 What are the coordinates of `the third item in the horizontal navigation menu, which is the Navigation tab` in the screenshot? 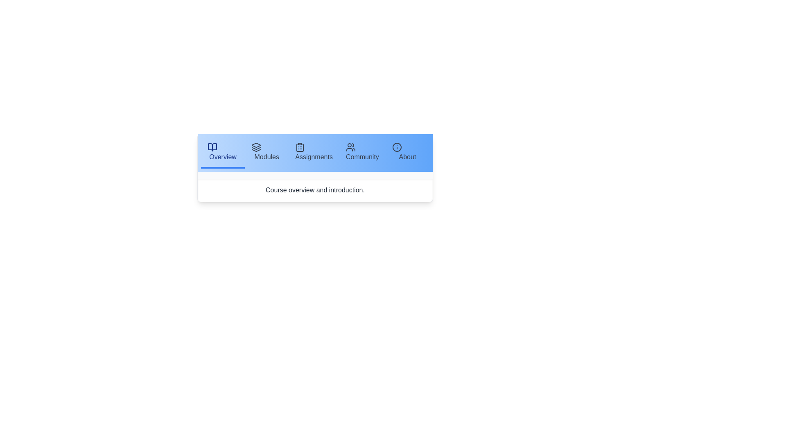 It's located at (314, 153).